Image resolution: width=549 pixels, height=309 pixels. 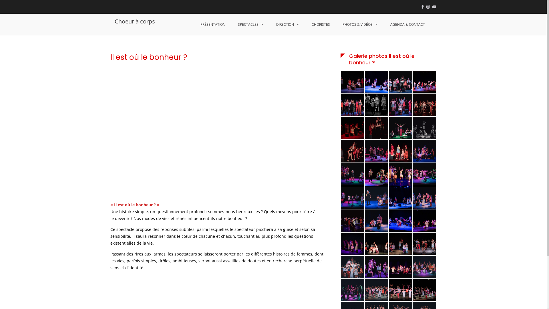 What do you see at coordinates (421, 7) in the screenshot?
I see `'Facebook'` at bounding box center [421, 7].